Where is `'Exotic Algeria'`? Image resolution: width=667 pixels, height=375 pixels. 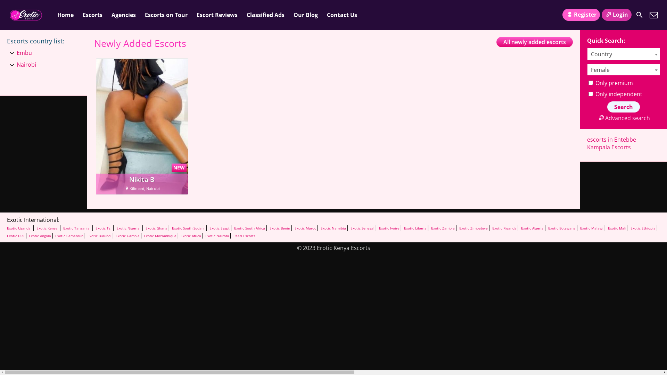 'Exotic Algeria' is located at coordinates (532, 228).